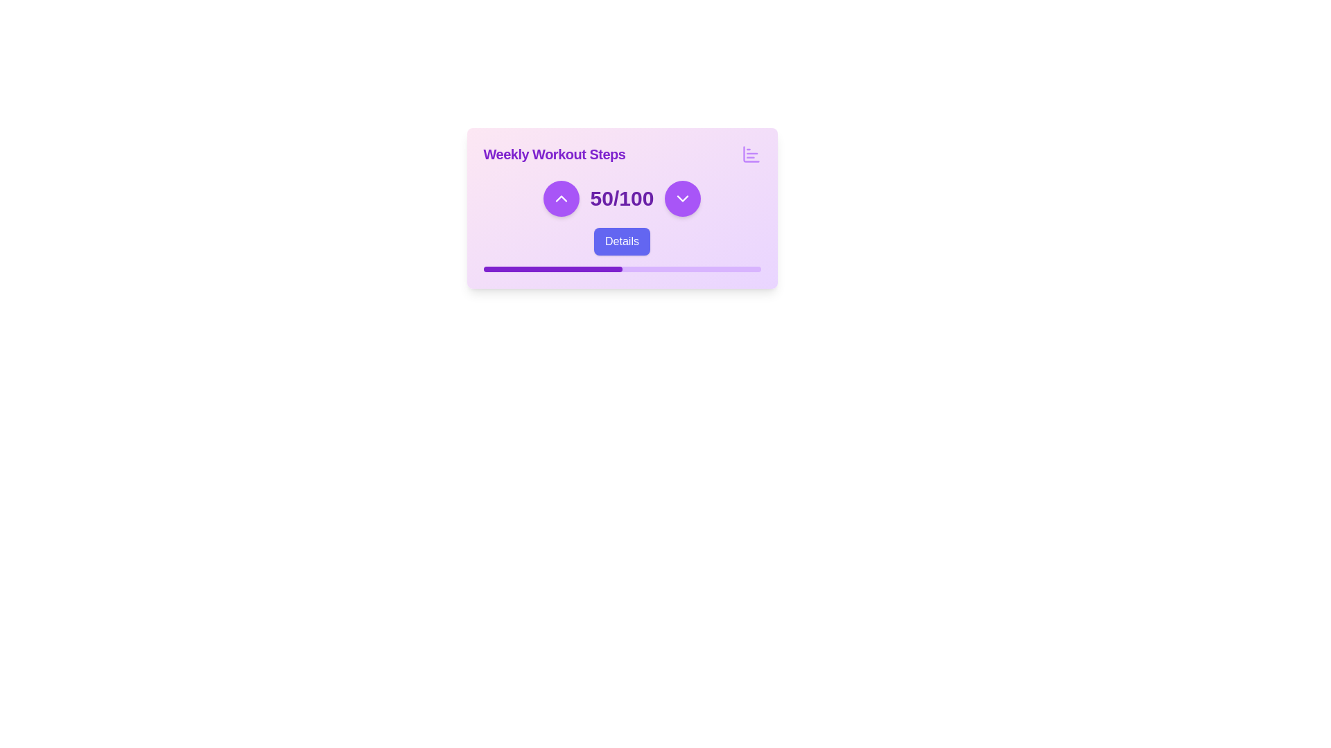  What do you see at coordinates (621, 154) in the screenshot?
I see `the label or title indicating the main context of the card for weekly workout steps, which is centered at the top of the card layout` at bounding box center [621, 154].